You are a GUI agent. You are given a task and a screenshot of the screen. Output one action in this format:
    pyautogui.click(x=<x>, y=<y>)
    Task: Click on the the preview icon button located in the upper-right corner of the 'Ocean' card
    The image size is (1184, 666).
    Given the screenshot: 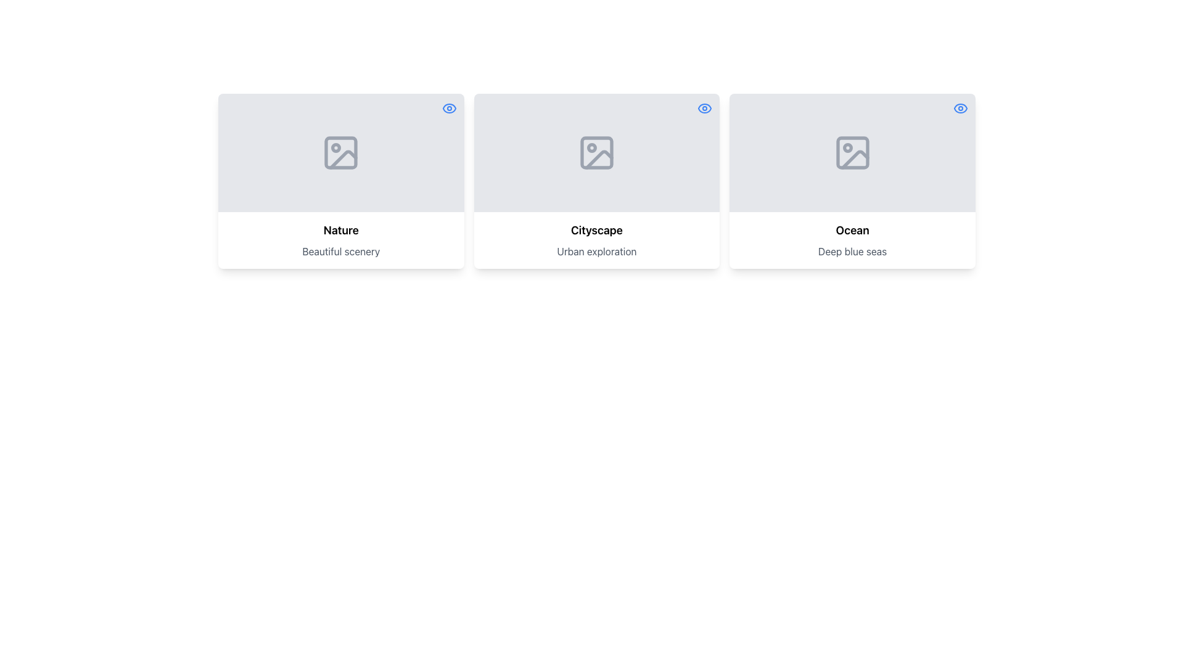 What is the action you would take?
    pyautogui.click(x=960, y=108)
    